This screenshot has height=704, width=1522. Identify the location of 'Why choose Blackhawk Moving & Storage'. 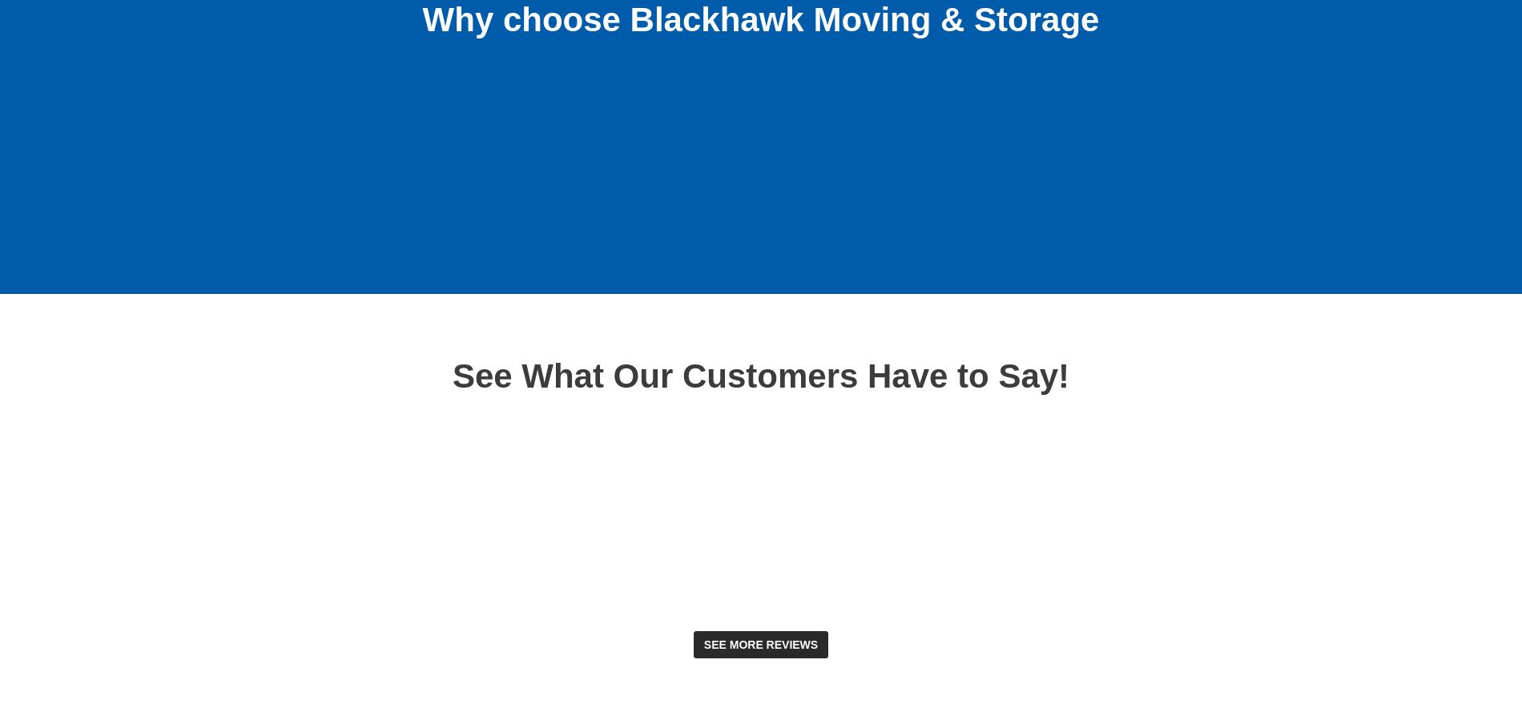
(422, 18).